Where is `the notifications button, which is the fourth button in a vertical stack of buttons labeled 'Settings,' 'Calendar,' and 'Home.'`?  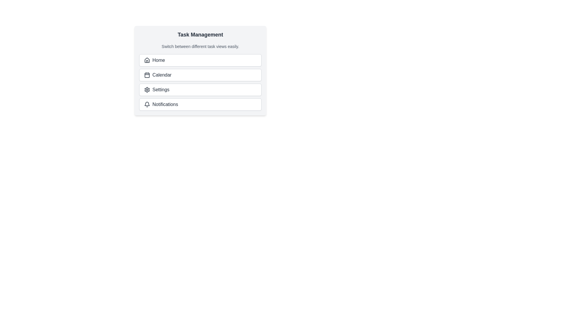 the notifications button, which is the fourth button in a vertical stack of buttons labeled 'Settings,' 'Calendar,' and 'Home.' is located at coordinates (200, 104).